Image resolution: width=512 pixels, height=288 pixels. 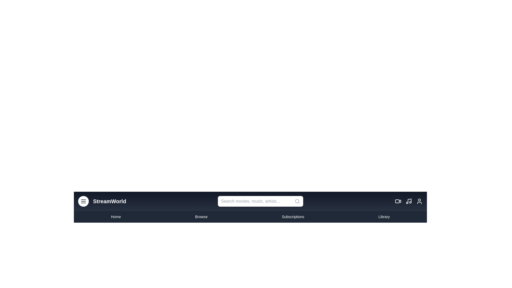 What do you see at coordinates (261, 201) in the screenshot?
I see `the search input field to focus on it` at bounding box center [261, 201].